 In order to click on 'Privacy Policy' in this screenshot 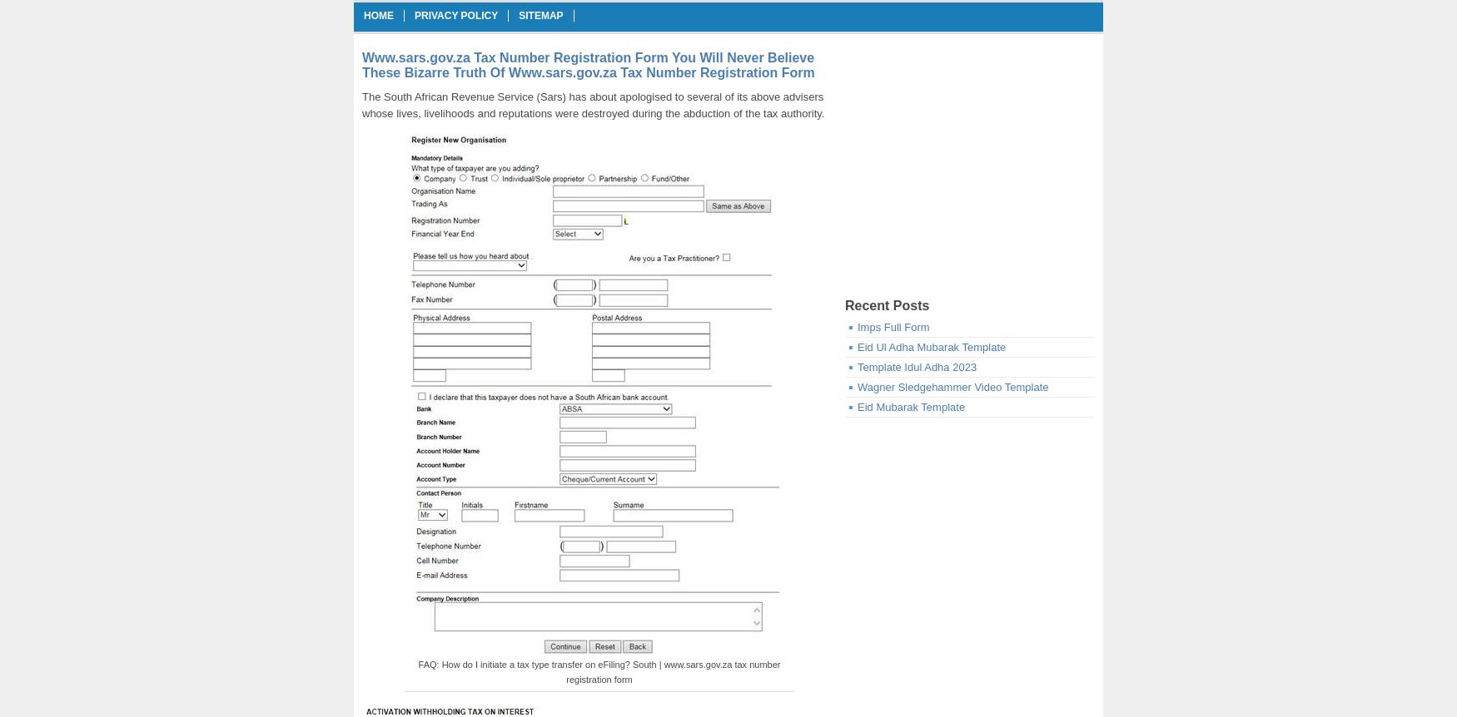, I will do `click(415, 15)`.